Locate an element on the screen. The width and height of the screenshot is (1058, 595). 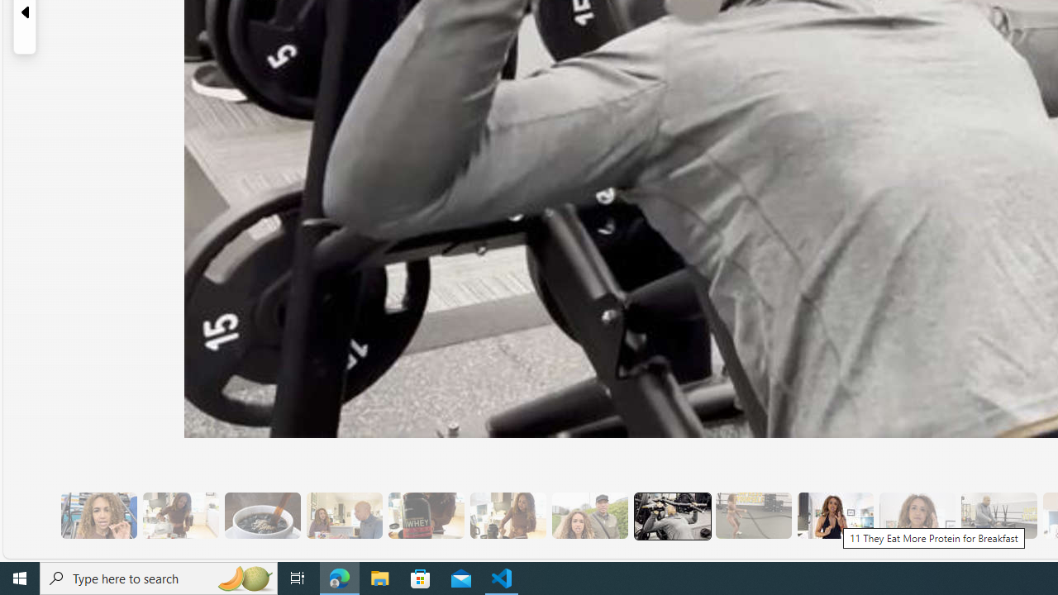
'8 Be Mindful of Coffee' is located at coordinates (261, 515).